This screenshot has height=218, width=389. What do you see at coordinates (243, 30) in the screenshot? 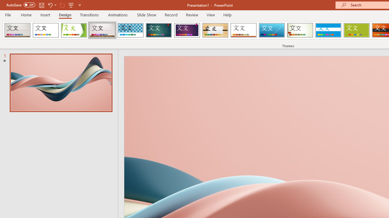
I see `'Retrospect'` at bounding box center [243, 30].